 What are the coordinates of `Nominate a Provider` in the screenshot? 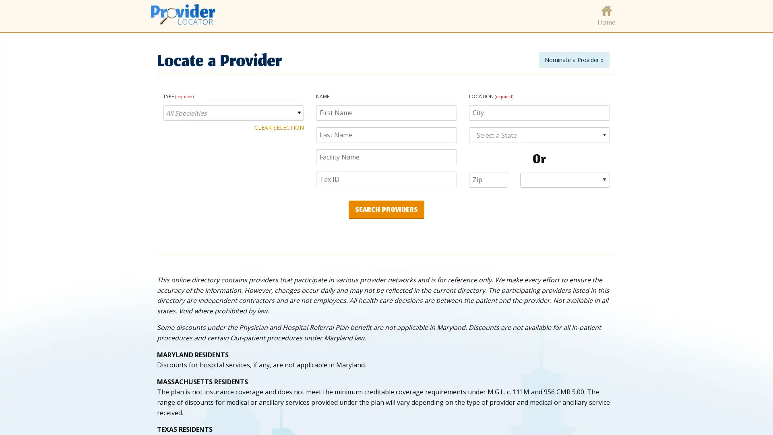 It's located at (573, 59).